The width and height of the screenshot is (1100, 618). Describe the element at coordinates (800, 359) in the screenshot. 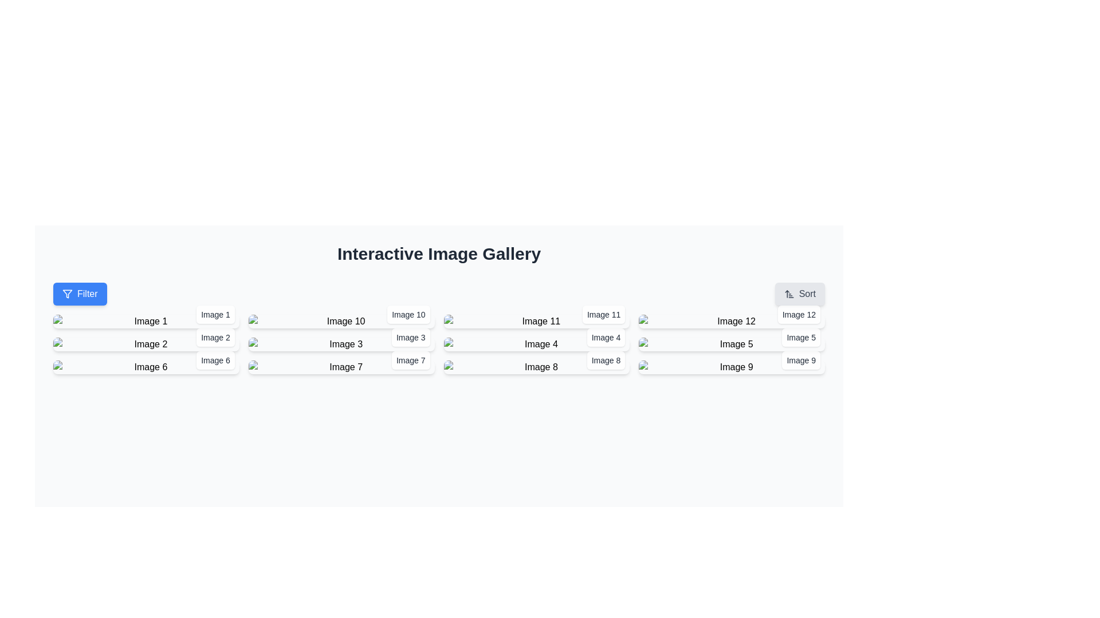

I see `displayed text of the Text display labeling the ninth image located at the bottom-right corner of the box enclosing 'Image 9' in the grid layout` at that location.